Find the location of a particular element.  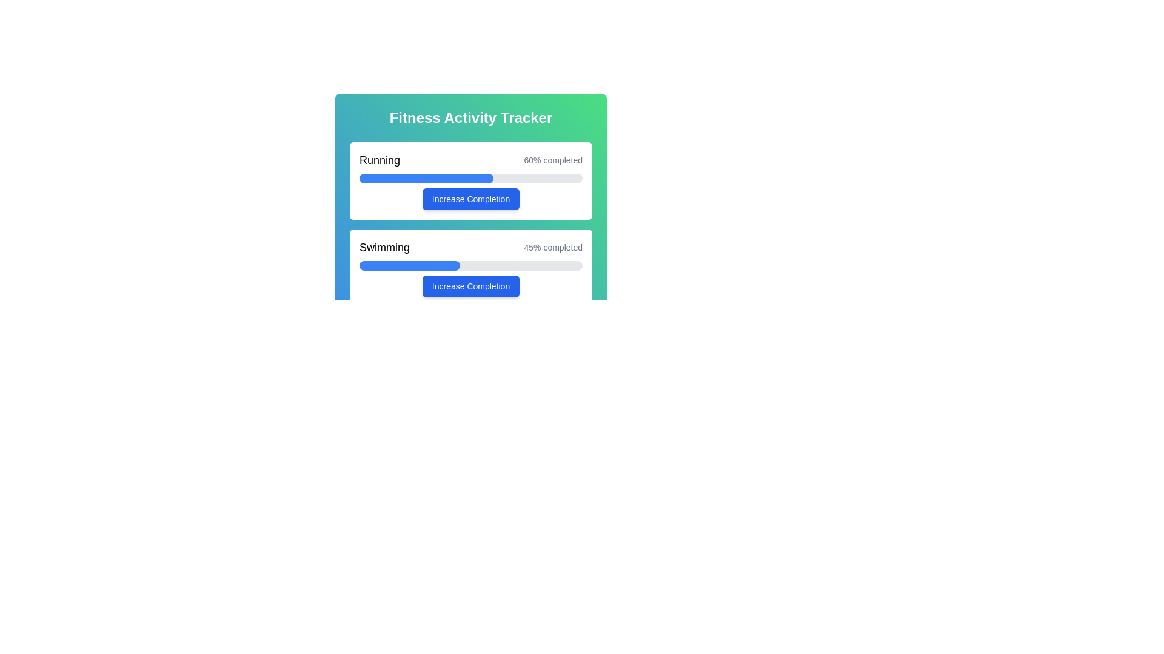

the first card in the Fitness Activity Tracker section that displays progress for 'Running' is located at coordinates (470, 181).